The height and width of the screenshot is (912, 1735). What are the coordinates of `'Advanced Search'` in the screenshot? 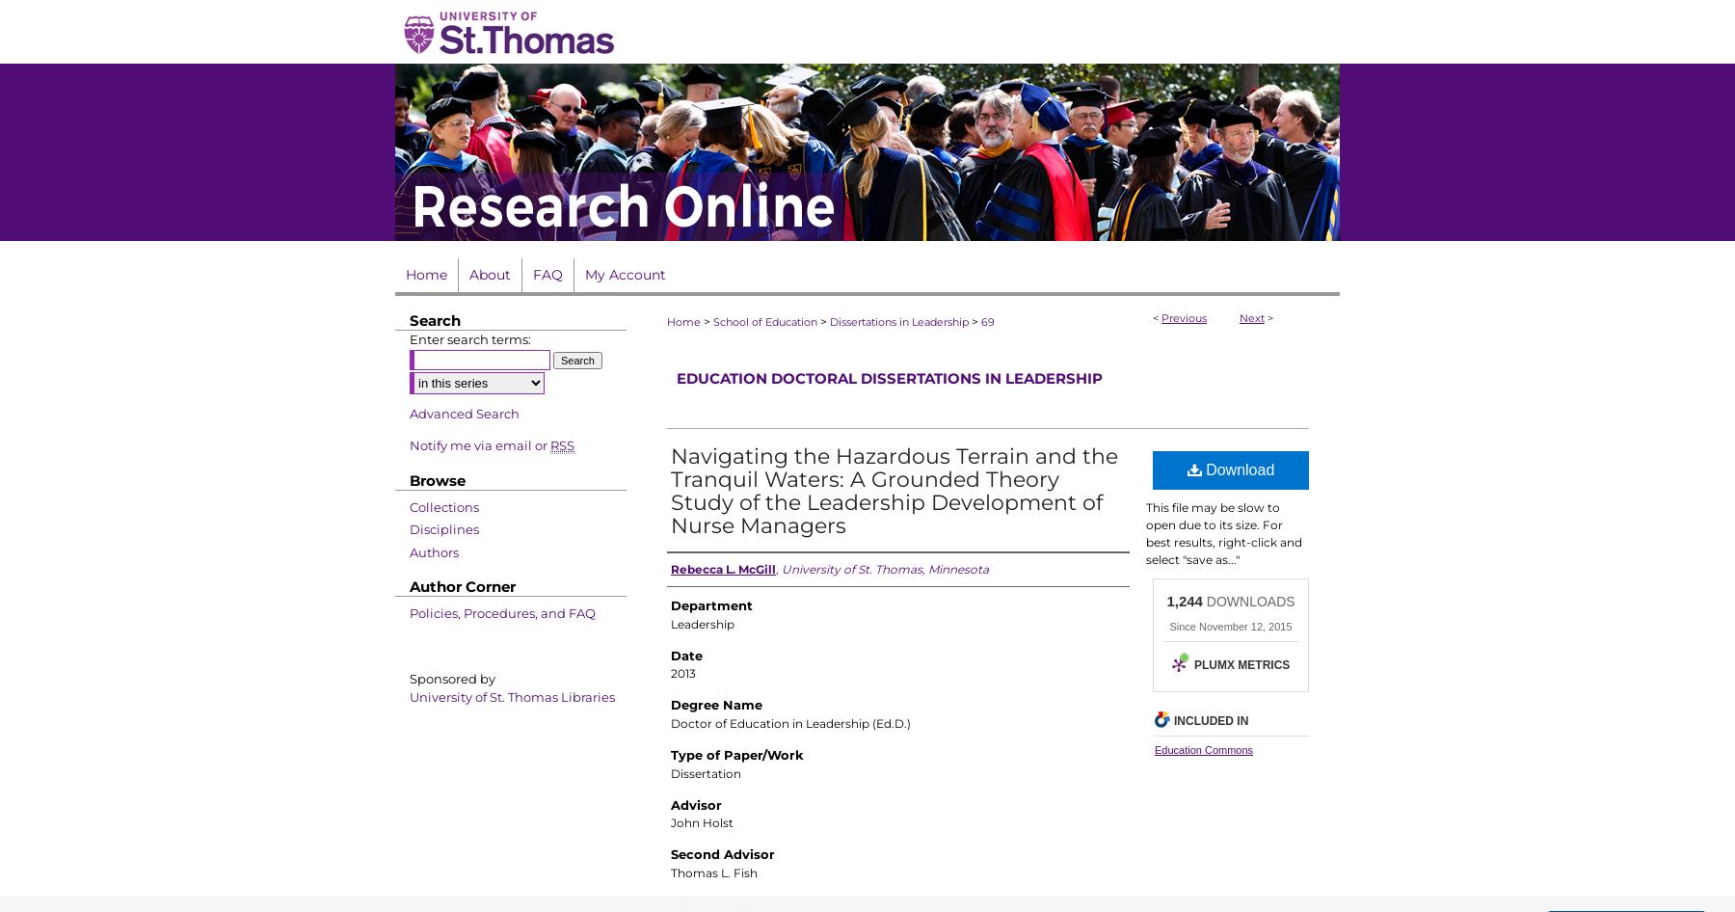 It's located at (464, 411).